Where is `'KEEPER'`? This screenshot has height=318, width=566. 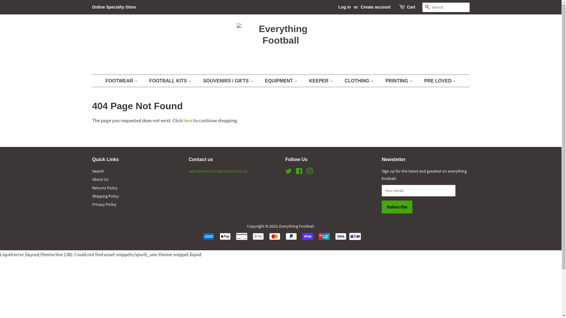
'KEEPER' is located at coordinates (322, 81).